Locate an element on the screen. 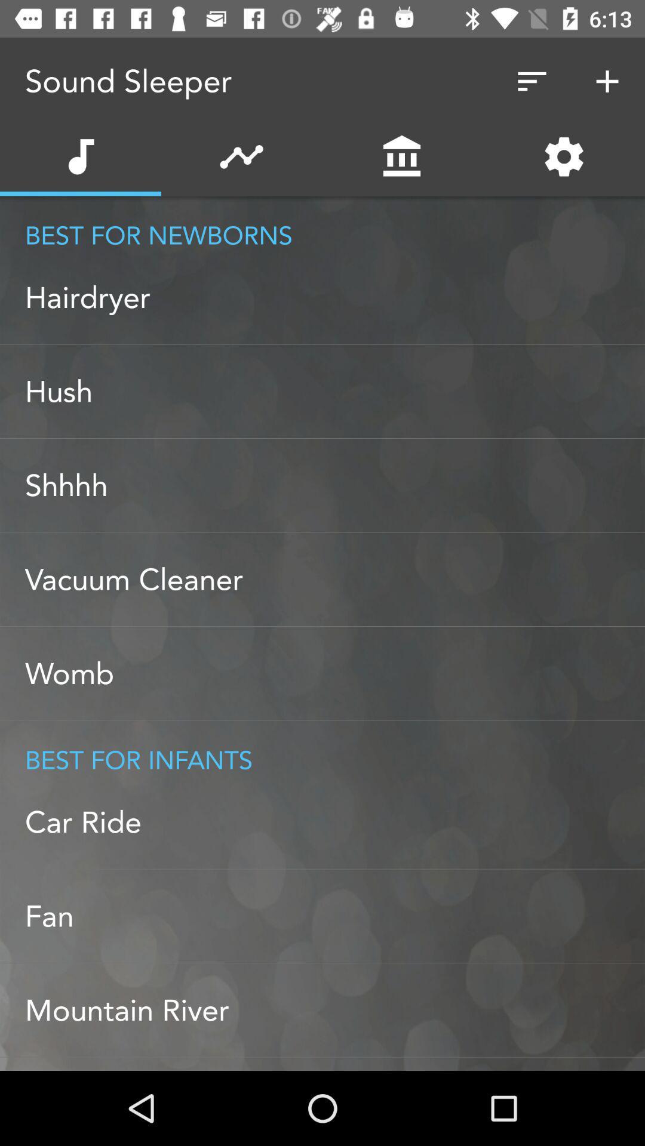 This screenshot has width=645, height=1146. the item to the right of the sound sleeper icon is located at coordinates (532, 81).